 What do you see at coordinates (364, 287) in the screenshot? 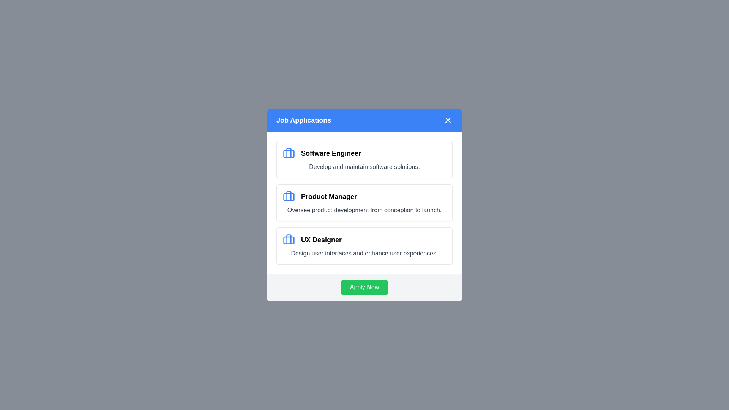
I see `the button located at the bottom of the modal dialog box, which is part of a group related to job postings for 'Software Engineer', 'Product Manager', and 'UX Designer'` at bounding box center [364, 287].